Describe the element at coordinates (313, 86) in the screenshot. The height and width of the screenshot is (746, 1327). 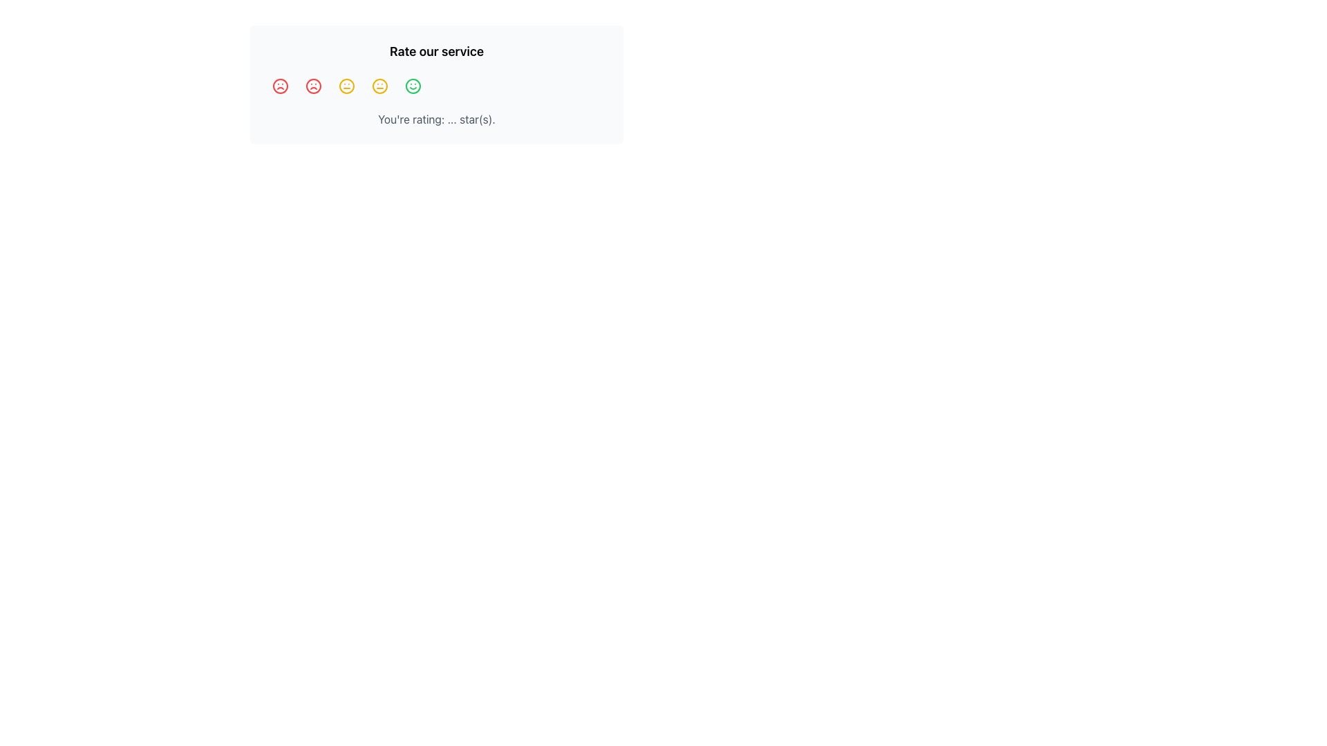
I see `the SVG Circle representing a frown on the left side of the rating system interface, which indicates a negative rating or emotion` at that location.